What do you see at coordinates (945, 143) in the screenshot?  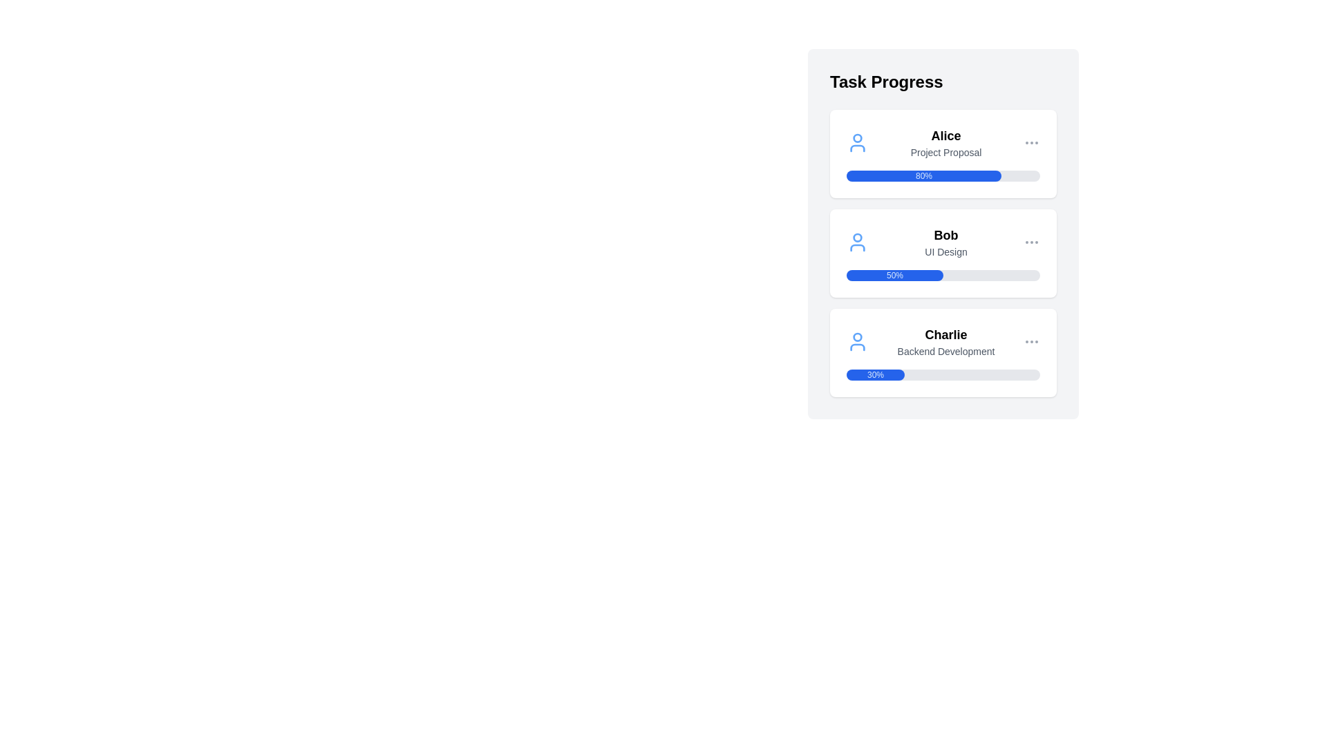 I see `displayed text from the Text display element that shows 'Alice' in bold and 'Project Proposal' in gray, located in the first row of a vertical list, positioned between a user icon and an ellipsis icon` at bounding box center [945, 143].